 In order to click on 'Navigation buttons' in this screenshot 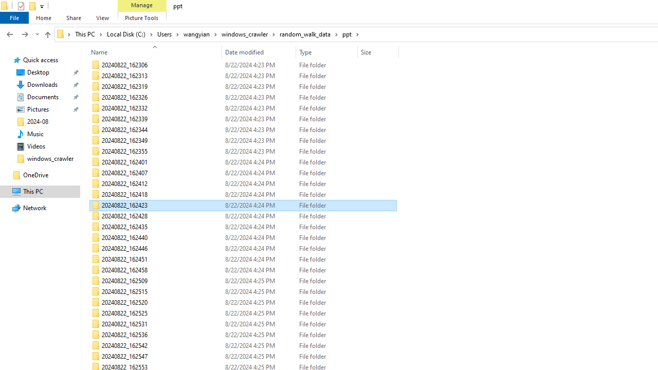, I will do `click(22, 33)`.